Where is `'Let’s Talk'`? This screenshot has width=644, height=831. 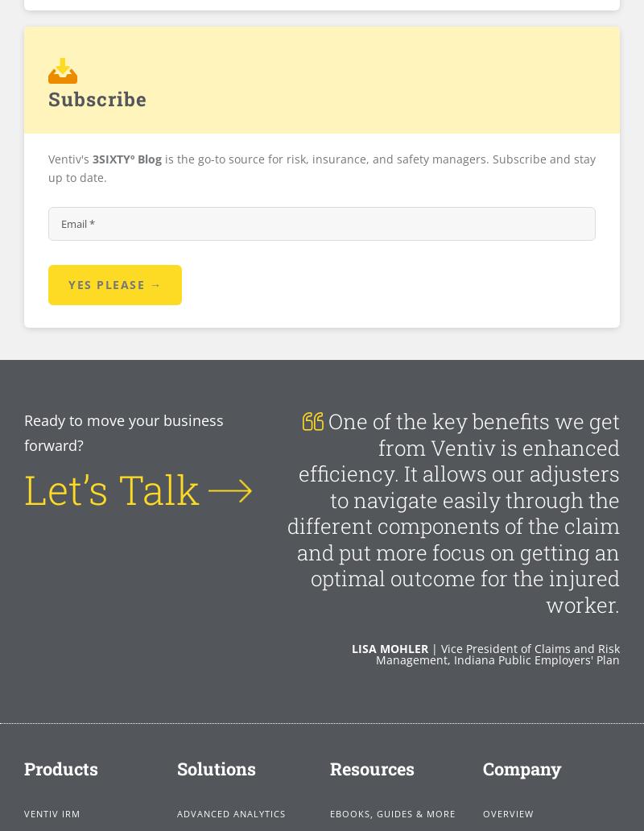
'Let’s Talk' is located at coordinates (24, 489).